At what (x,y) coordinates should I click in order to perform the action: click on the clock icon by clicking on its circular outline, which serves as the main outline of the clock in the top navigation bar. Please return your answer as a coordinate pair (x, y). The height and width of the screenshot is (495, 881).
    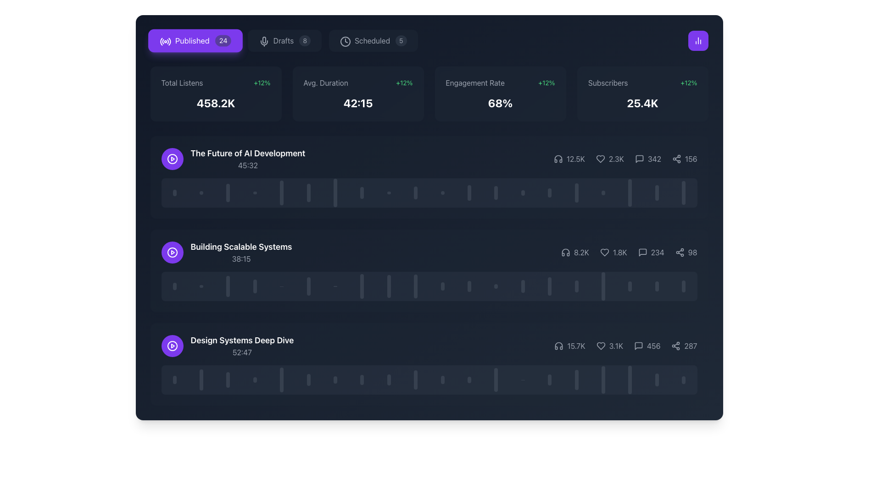
    Looking at the image, I should click on (345, 42).